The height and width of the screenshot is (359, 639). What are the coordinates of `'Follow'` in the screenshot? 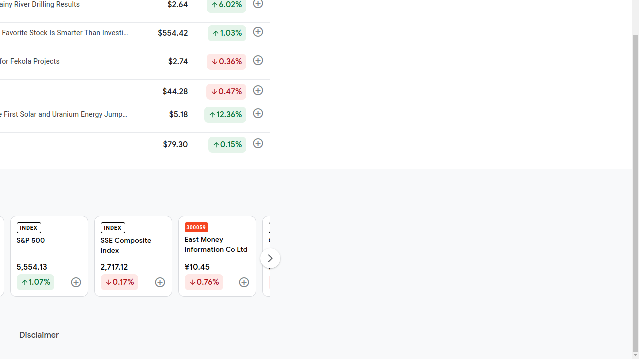 It's located at (244, 283).